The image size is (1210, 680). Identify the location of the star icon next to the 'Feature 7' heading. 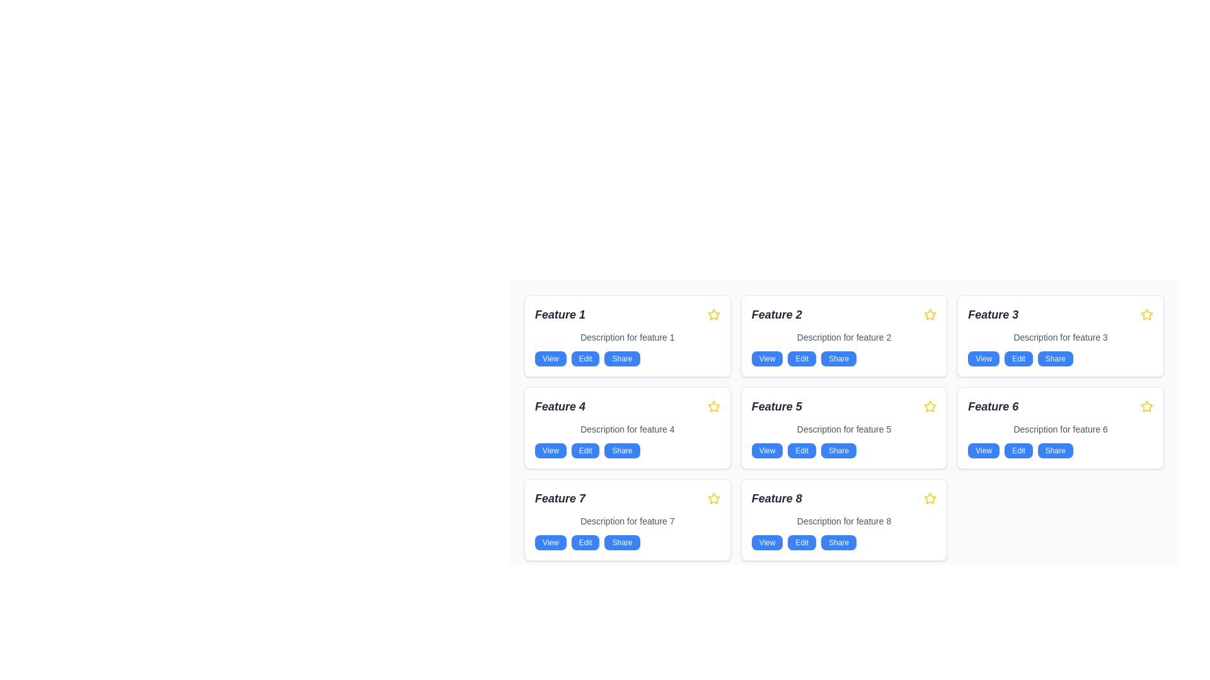
(713, 497).